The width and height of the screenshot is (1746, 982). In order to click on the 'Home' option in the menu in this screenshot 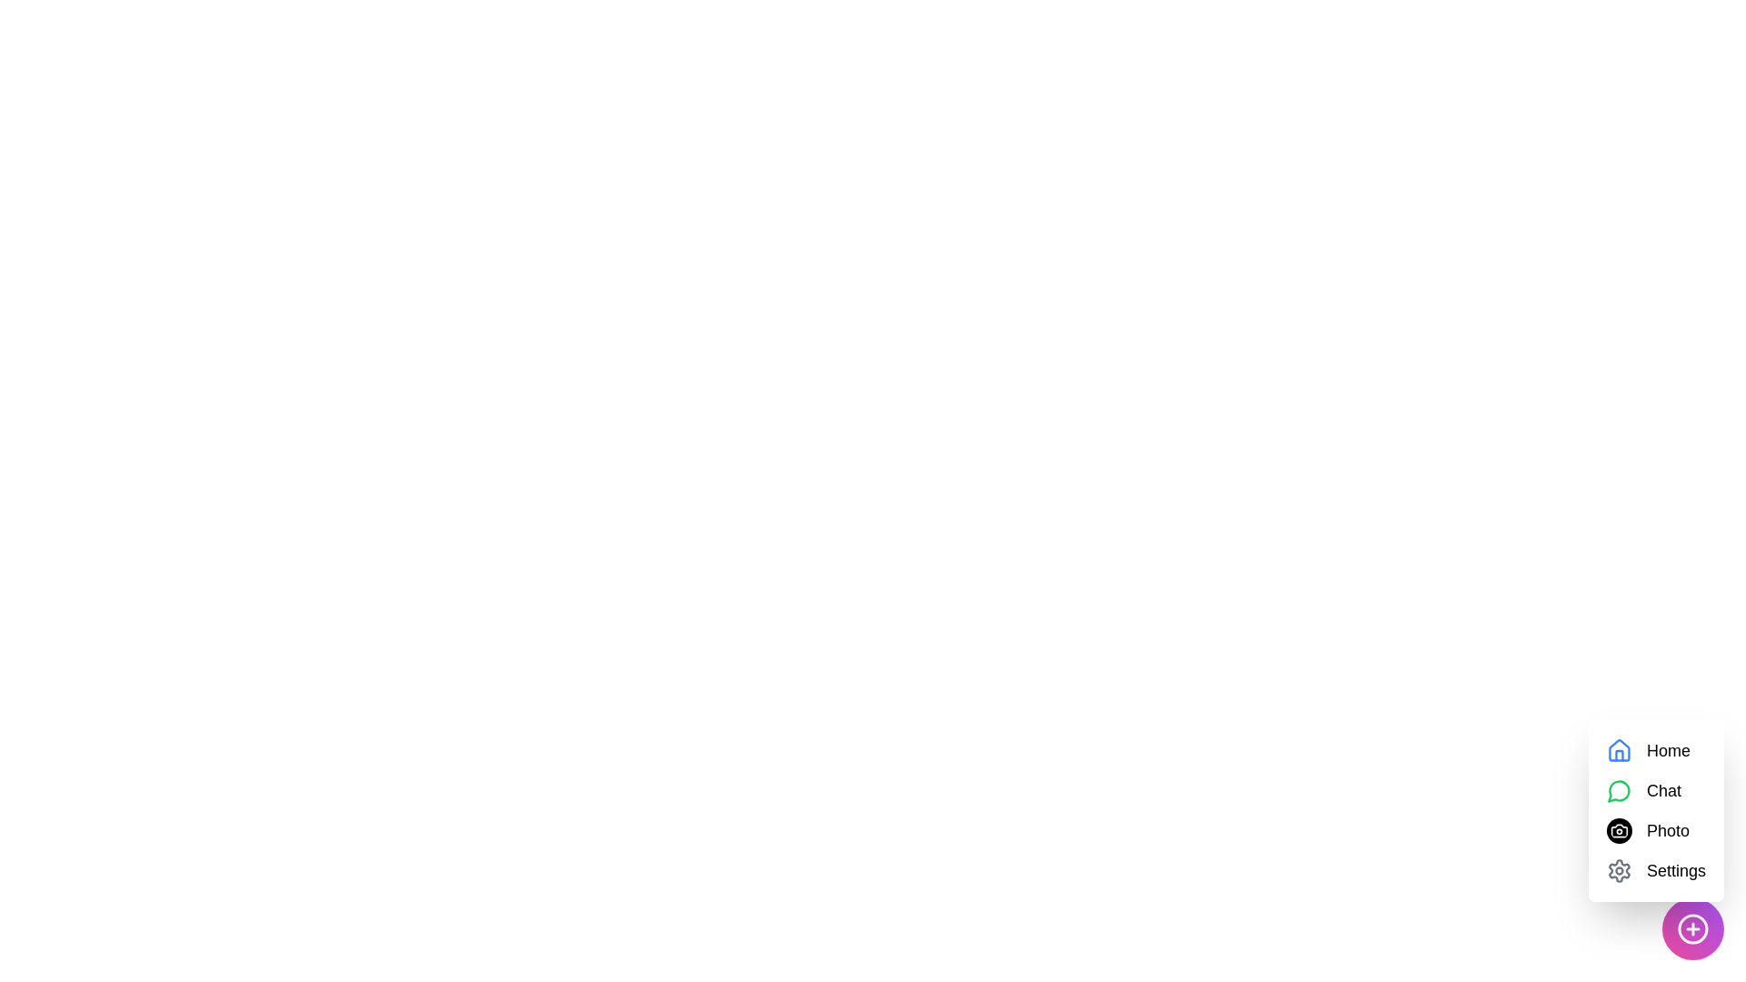, I will do `click(1668, 750)`.